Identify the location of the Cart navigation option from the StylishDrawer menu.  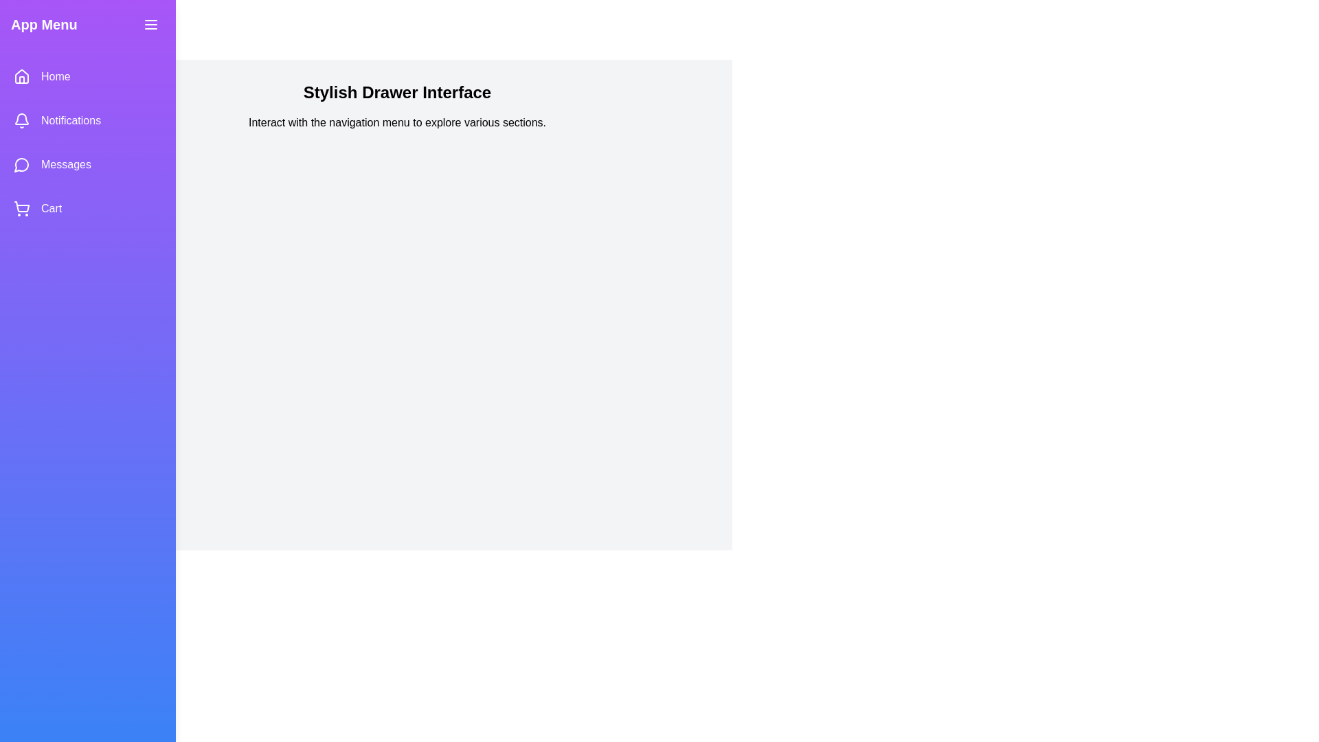
(87, 209).